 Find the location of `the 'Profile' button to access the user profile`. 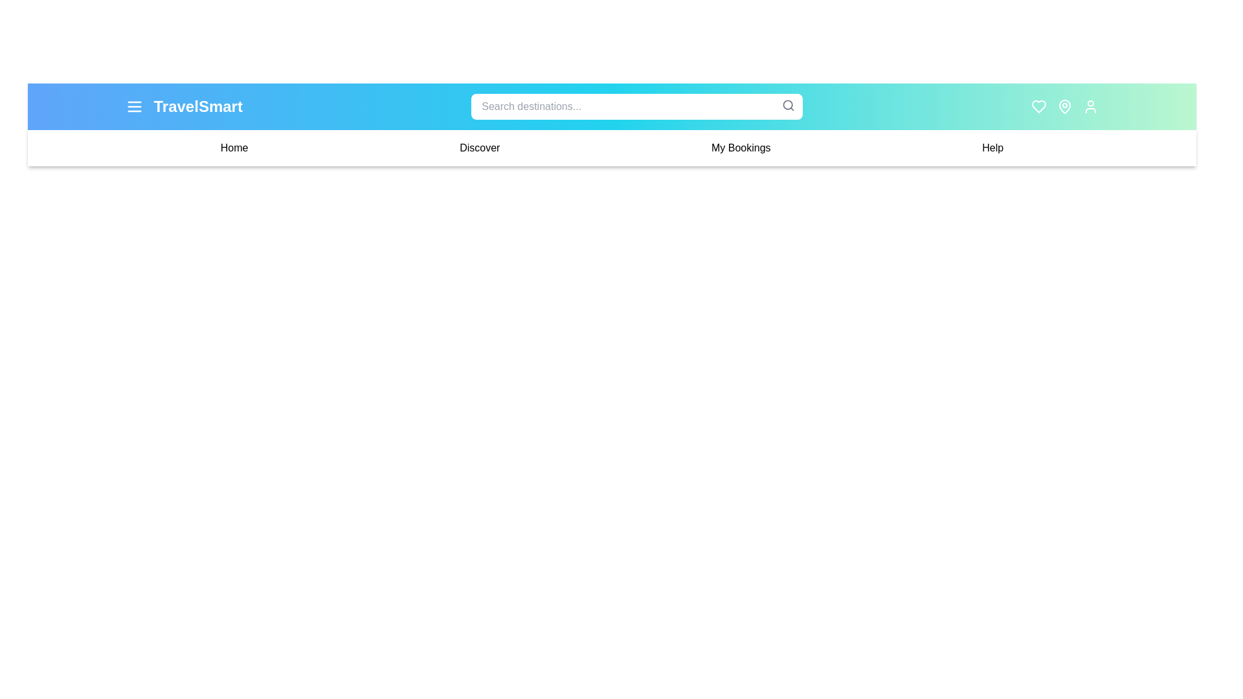

the 'Profile' button to access the user profile is located at coordinates (1090, 106).